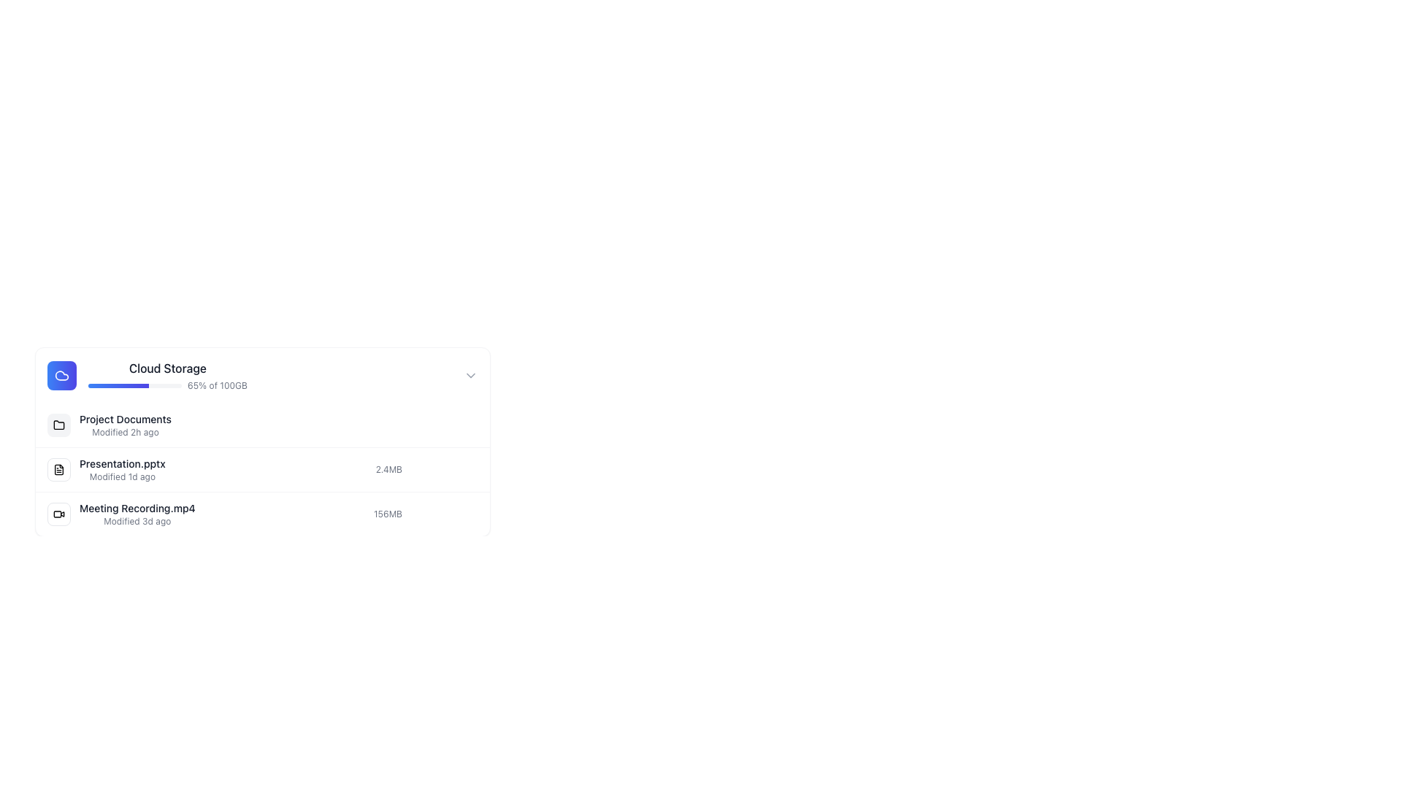  Describe the element at coordinates (135, 385) in the screenshot. I see `the progress bar indicating storage usage in the Cloud Storage section, located beside the '65% of 100GB' text` at that location.